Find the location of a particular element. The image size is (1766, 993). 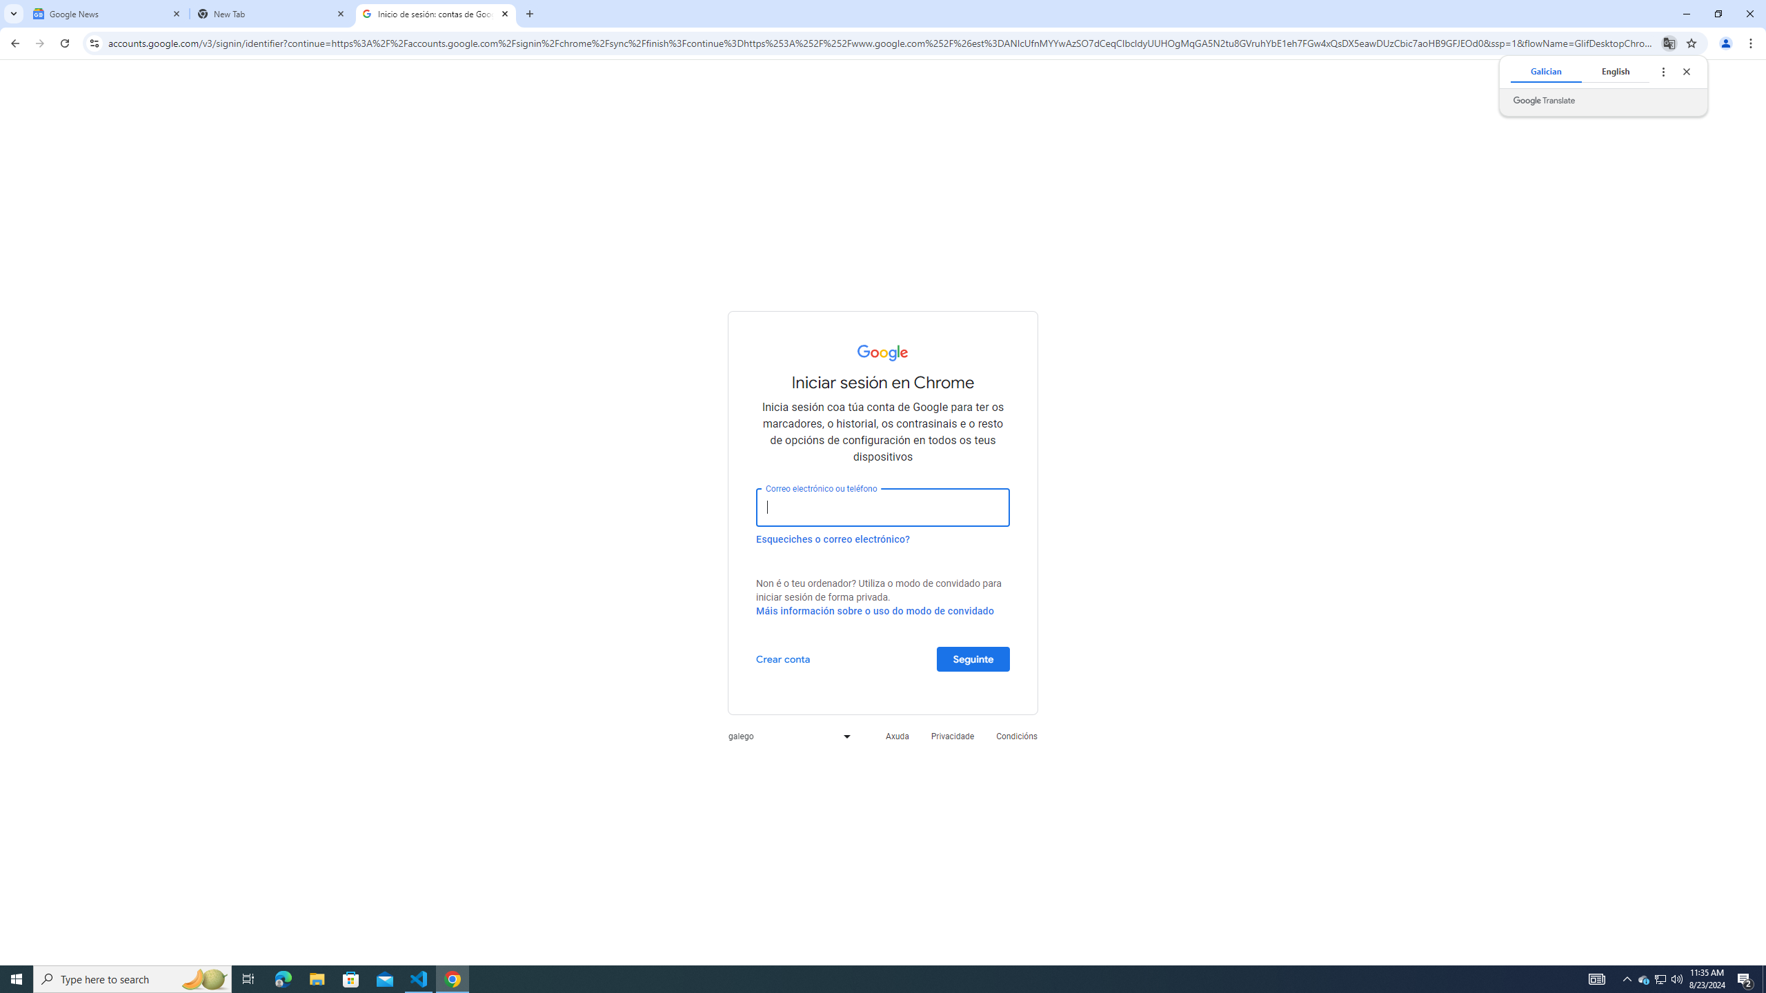

'Google News' is located at coordinates (107, 13).